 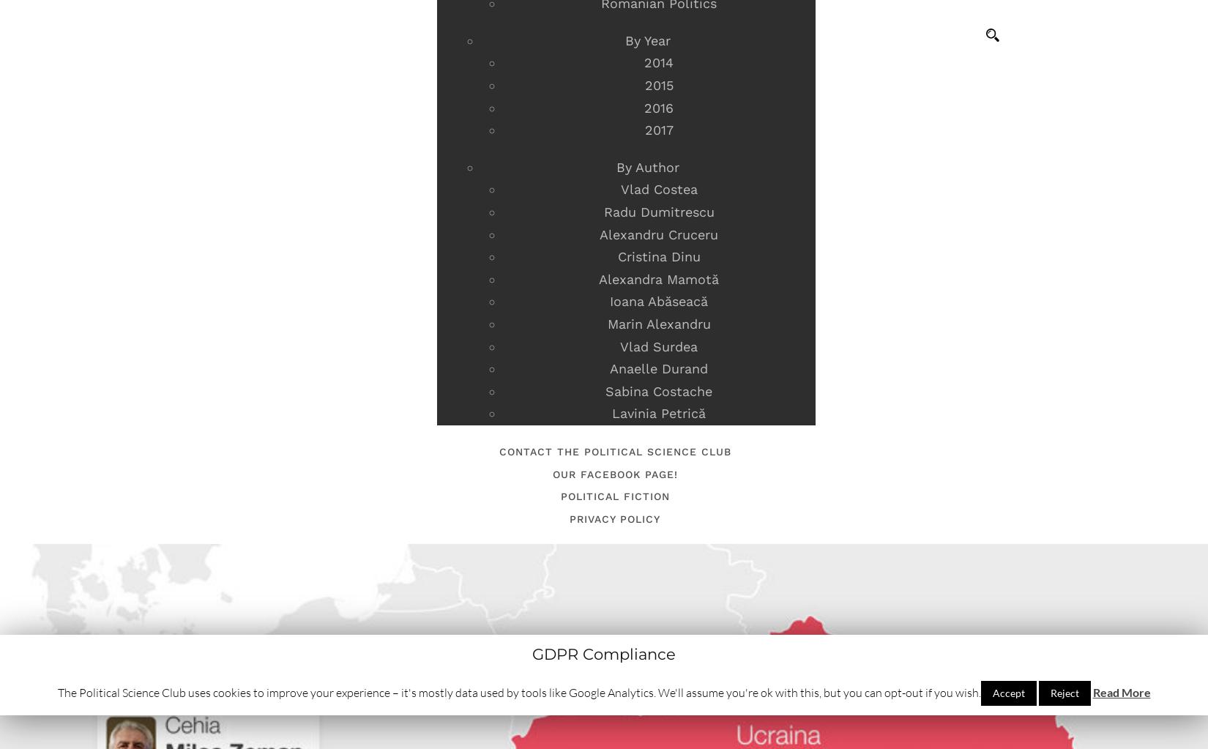 I want to click on 'Contact The Political Science Club', so click(x=614, y=450).